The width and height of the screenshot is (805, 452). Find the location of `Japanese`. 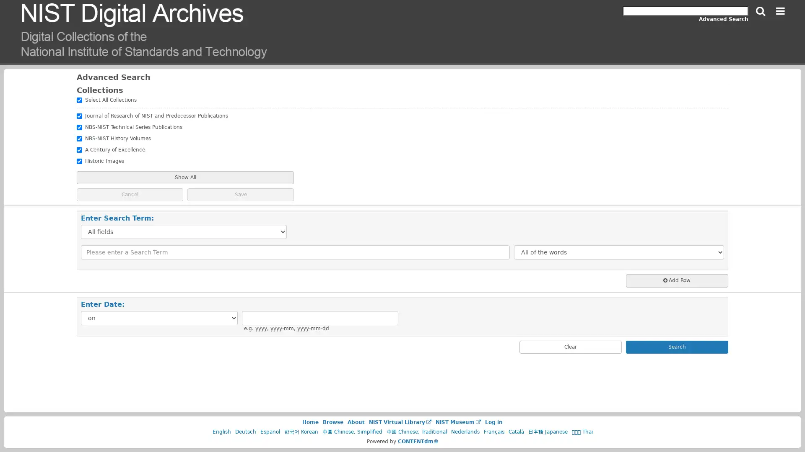

Japanese is located at coordinates (547, 432).